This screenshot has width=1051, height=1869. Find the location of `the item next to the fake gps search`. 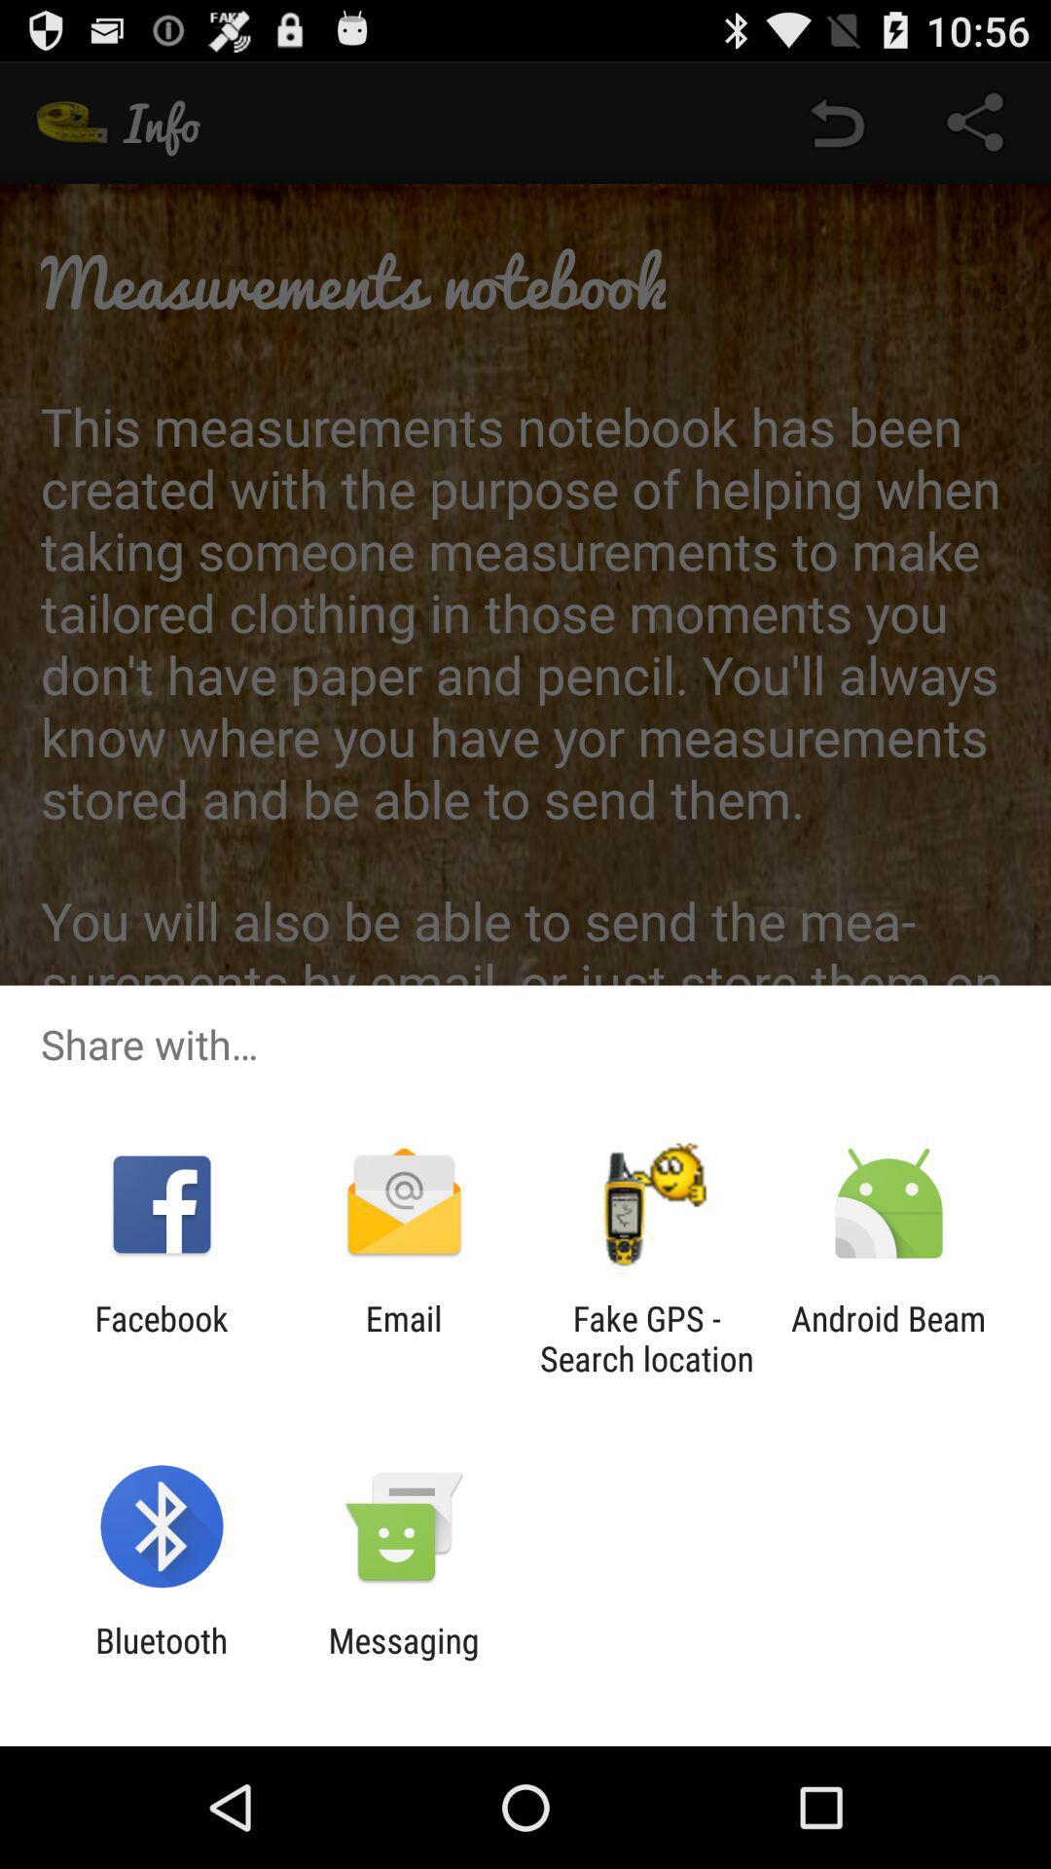

the item next to the fake gps search is located at coordinates (403, 1338).